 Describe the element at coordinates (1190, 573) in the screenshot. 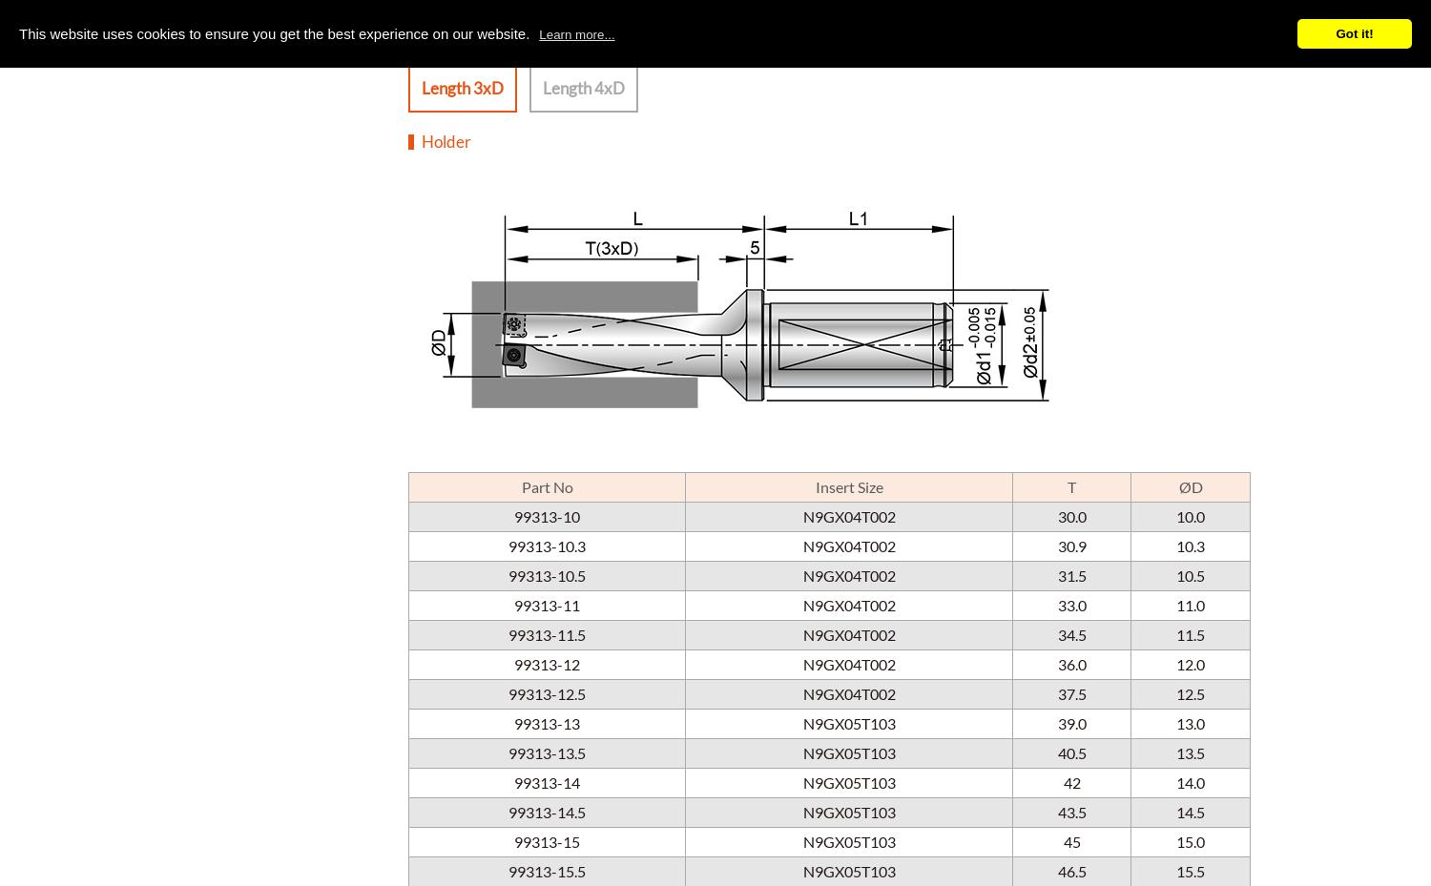

I see `'10.5'` at that location.